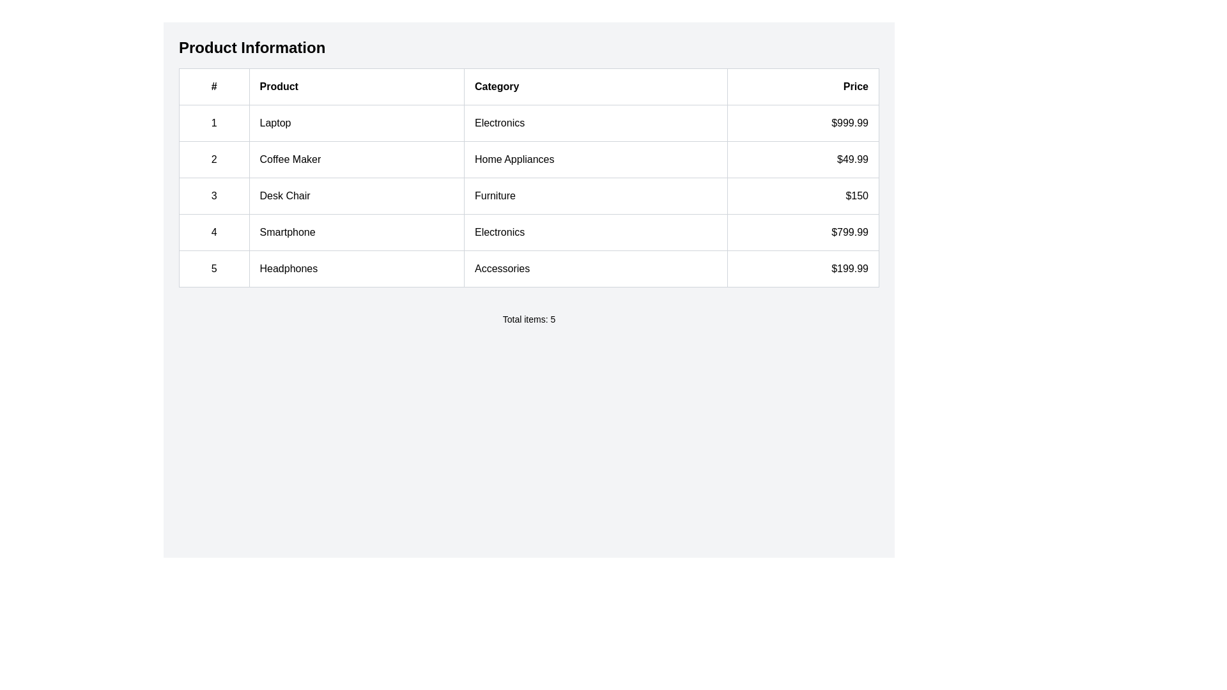 Image resolution: width=1227 pixels, height=690 pixels. I want to click on the sequence indicator label in the last row of the table, which is the first cell under the '#' column and to the left of the 'Headphones' cell, so click(214, 268).